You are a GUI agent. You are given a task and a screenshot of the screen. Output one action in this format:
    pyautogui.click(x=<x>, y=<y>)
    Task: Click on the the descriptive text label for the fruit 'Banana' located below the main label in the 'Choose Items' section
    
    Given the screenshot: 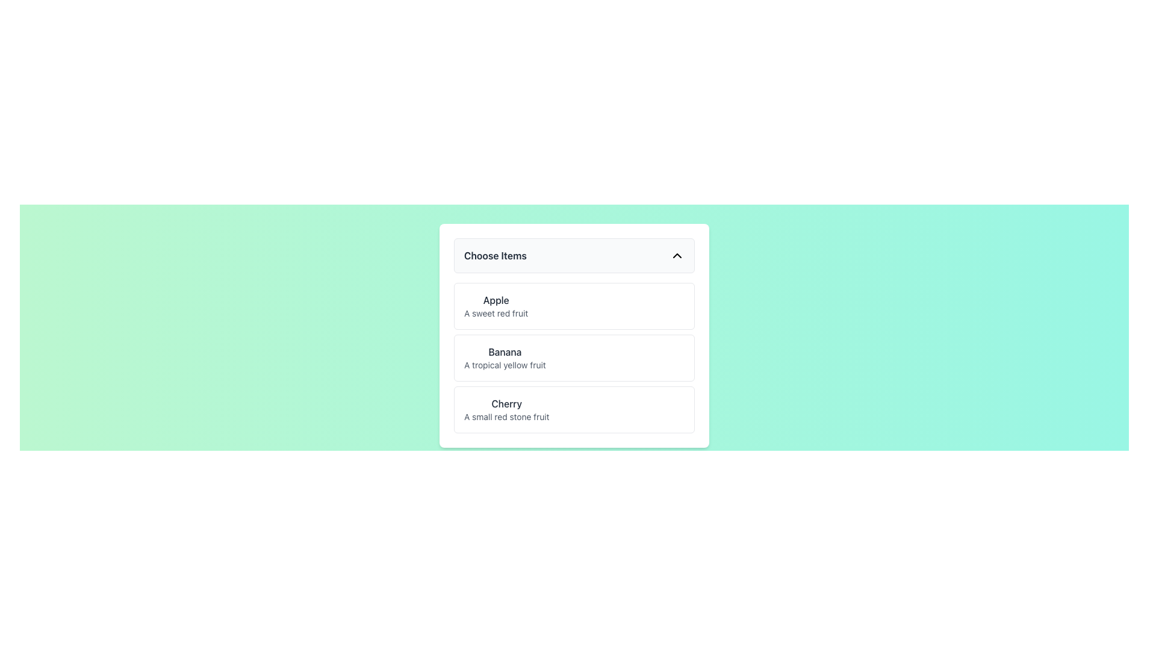 What is the action you would take?
    pyautogui.click(x=505, y=364)
    